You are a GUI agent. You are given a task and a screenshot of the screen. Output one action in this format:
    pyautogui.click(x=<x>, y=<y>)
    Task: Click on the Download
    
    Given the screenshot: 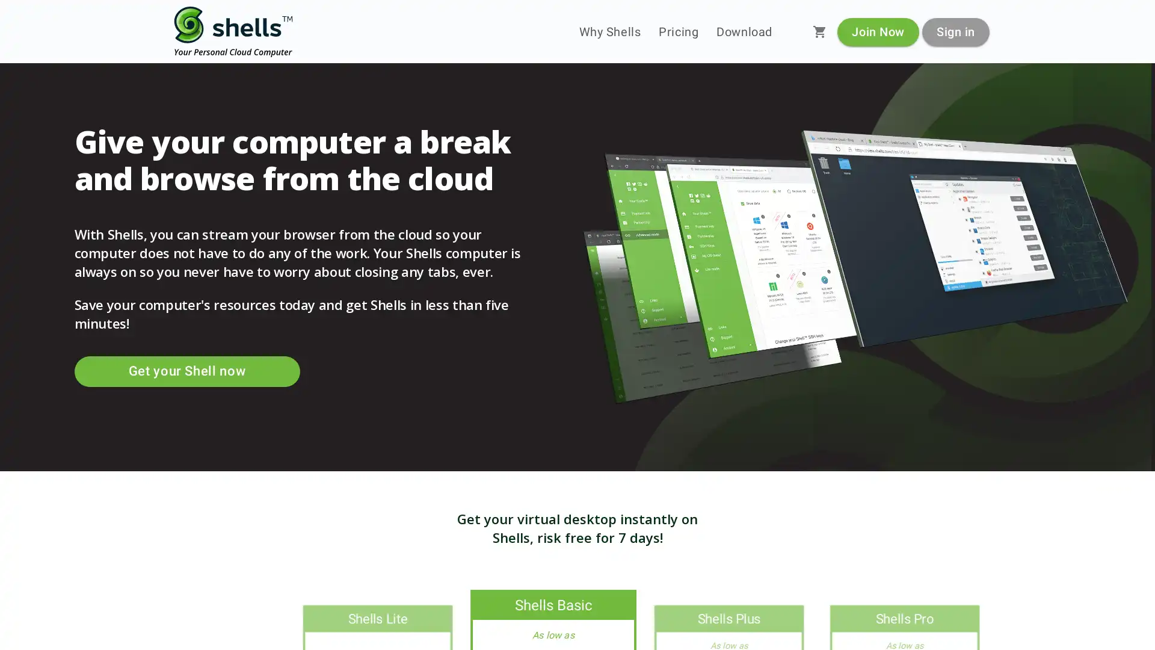 What is the action you would take?
    pyautogui.click(x=744, y=31)
    